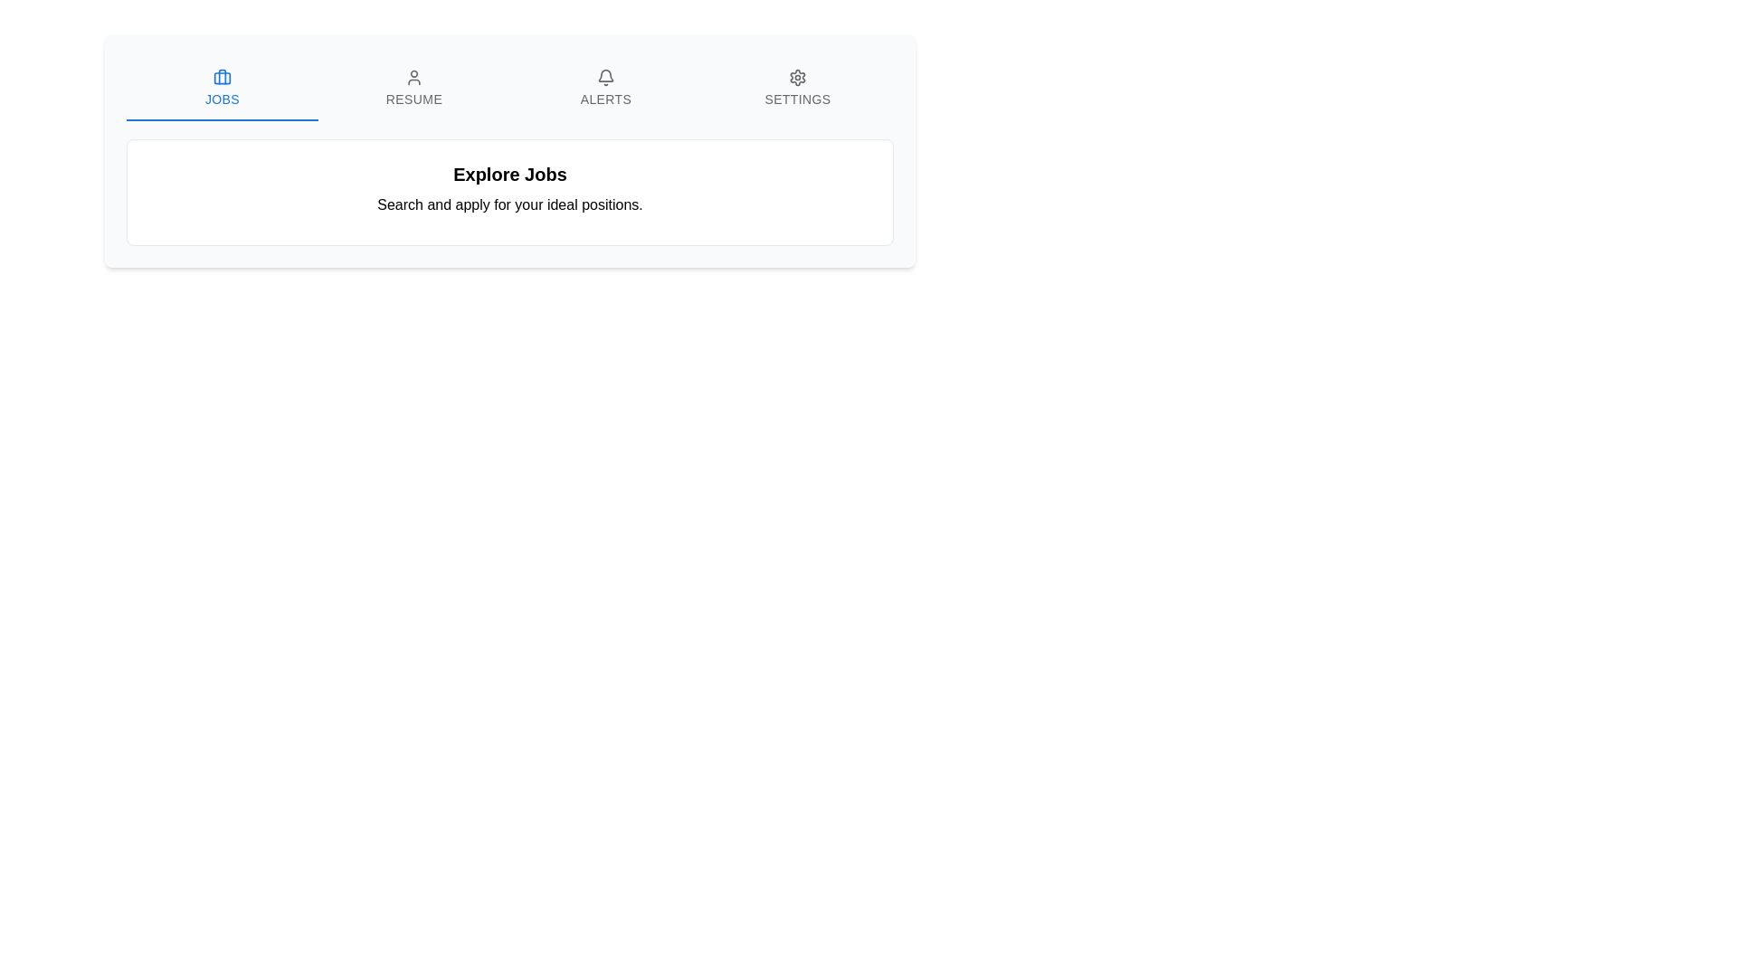 The height and width of the screenshot is (977, 1737). Describe the element at coordinates (509, 174) in the screenshot. I see `the bold text phrase 'Explore Jobs' that is prominently displayed above the description text 'Search and apply for your ideal positions.'` at that location.